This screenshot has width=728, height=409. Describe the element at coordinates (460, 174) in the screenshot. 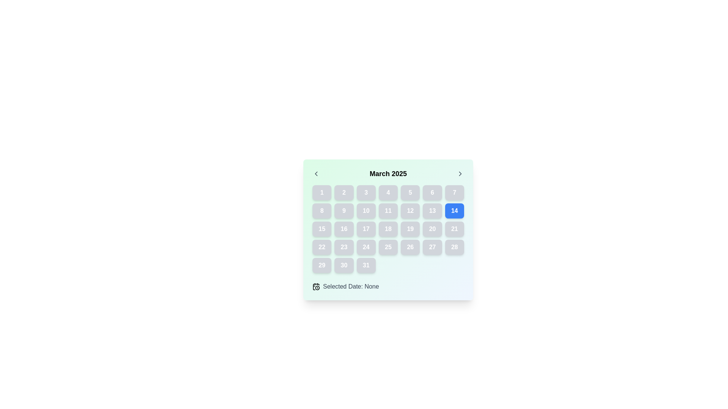

I see `the chevron icon in the top-right corner of the calendar interface` at that location.